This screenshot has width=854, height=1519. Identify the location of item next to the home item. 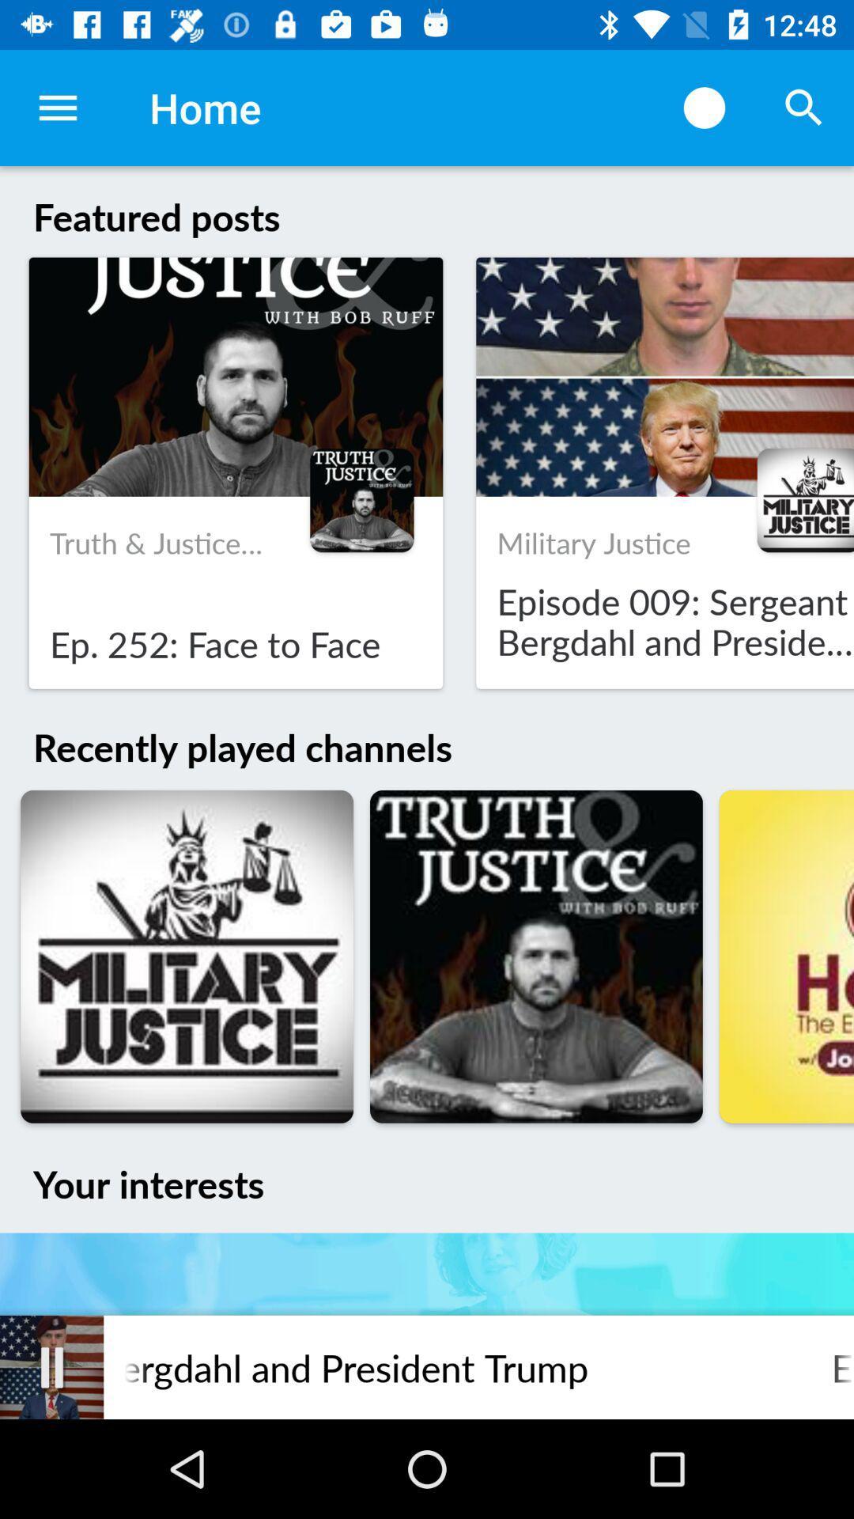
(704, 107).